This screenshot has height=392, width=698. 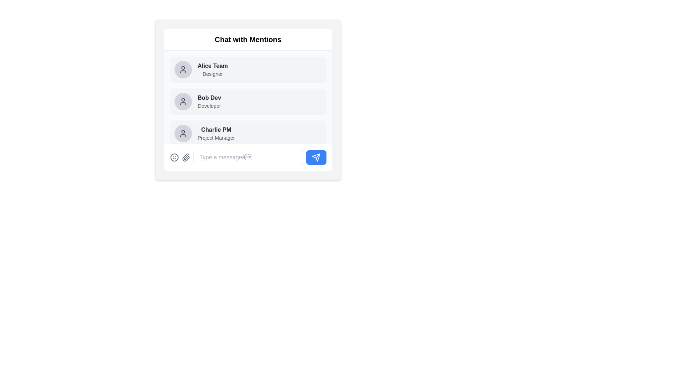 I want to click on the simplistic smiley face icon button located on the far left of the horizontal row of icons at the bottom of the chat interface, so click(x=174, y=157).